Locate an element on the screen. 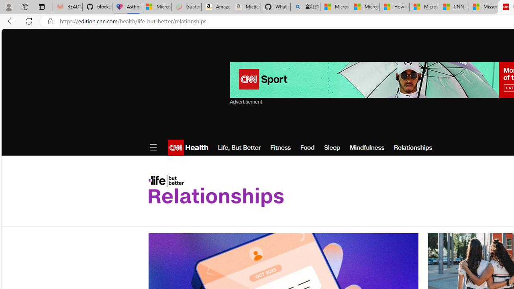 The width and height of the screenshot is (514, 289). 'Mindfulness' is located at coordinates (366, 147).